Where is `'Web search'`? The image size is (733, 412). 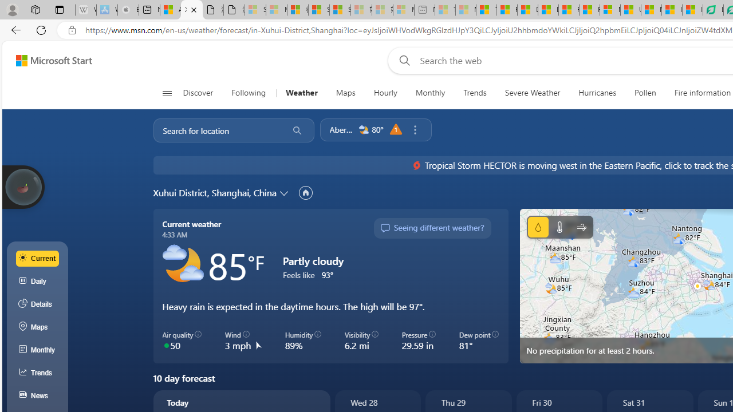 'Web search' is located at coordinates (402, 60).